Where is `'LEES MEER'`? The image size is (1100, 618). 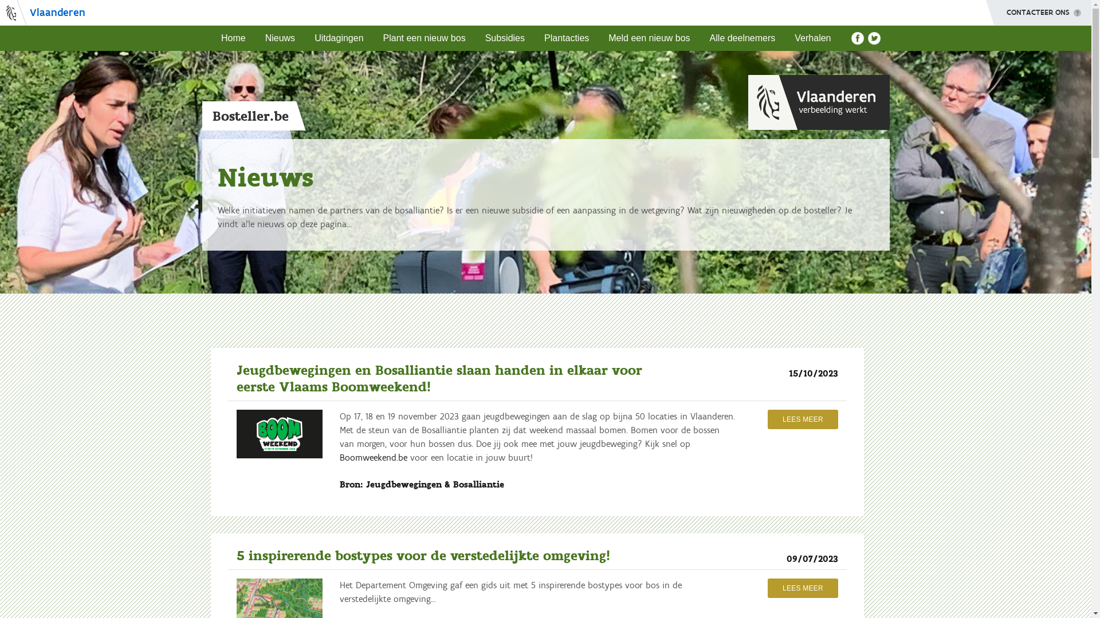 'LEES MEER' is located at coordinates (802, 588).